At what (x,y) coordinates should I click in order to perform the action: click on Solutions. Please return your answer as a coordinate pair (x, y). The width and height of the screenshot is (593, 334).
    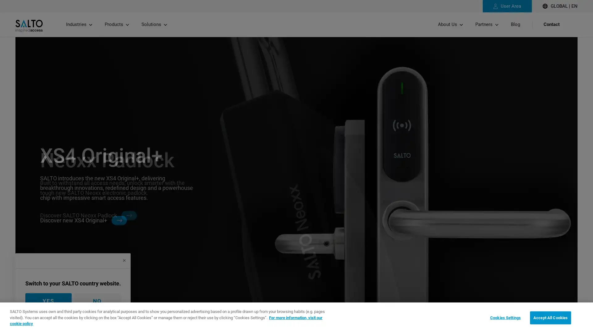
    Looking at the image, I should click on (154, 24).